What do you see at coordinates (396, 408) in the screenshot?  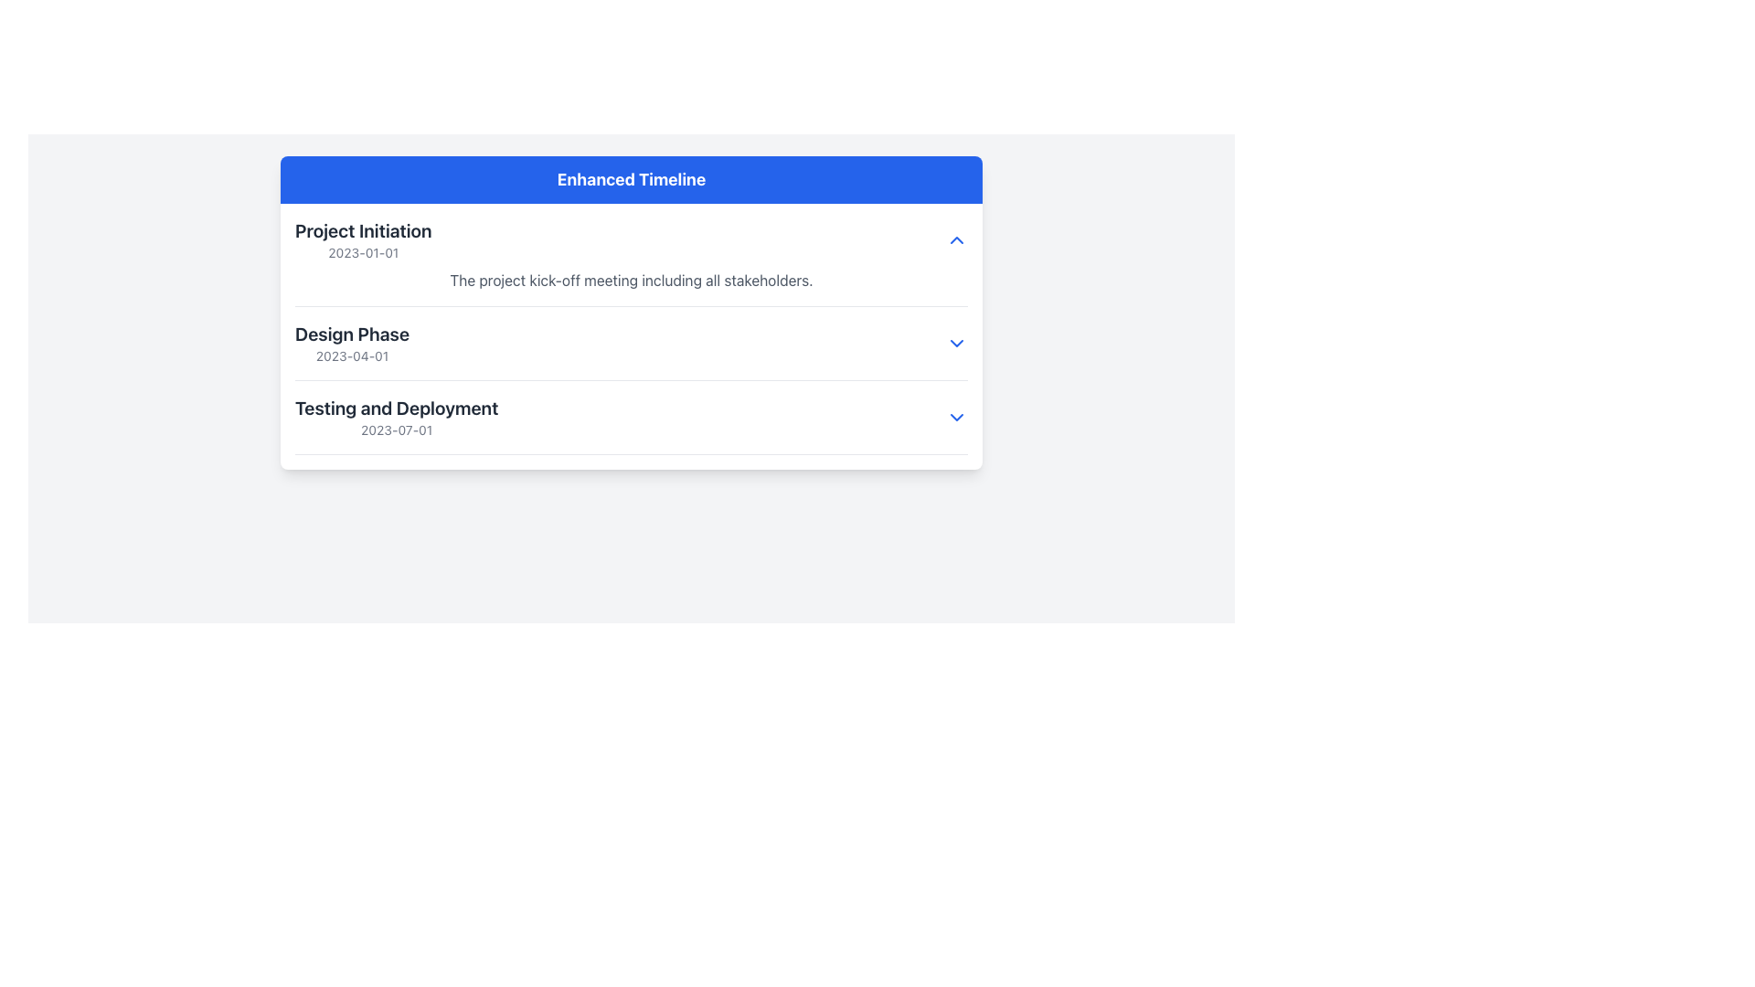 I see `the static text label displaying 'Testing and Deployment' within the 'Enhanced Timeline' section of the timeline interface` at bounding box center [396, 408].